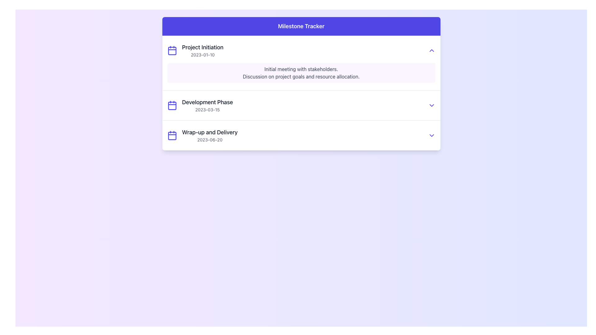 The image size is (596, 335). Describe the element at coordinates (203, 50) in the screenshot. I see `the 'Project Initiation' text display which shows the date '2023-01-10' below it, located at the top of a vertical list in the interface` at that location.